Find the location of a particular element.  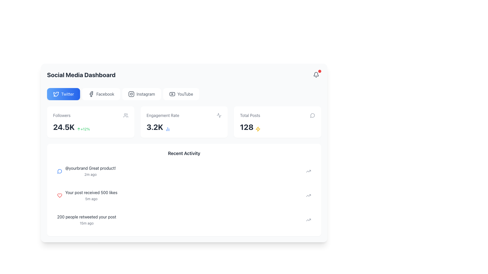

the heart-shaped red icon located above the 'Recent Activity' section in the card interface, adjacent to the notification icon is located at coordinates (60, 195).